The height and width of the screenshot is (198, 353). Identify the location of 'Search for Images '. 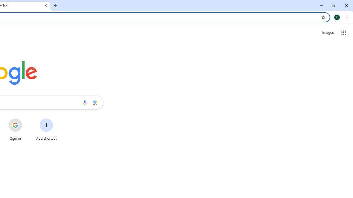
(328, 33).